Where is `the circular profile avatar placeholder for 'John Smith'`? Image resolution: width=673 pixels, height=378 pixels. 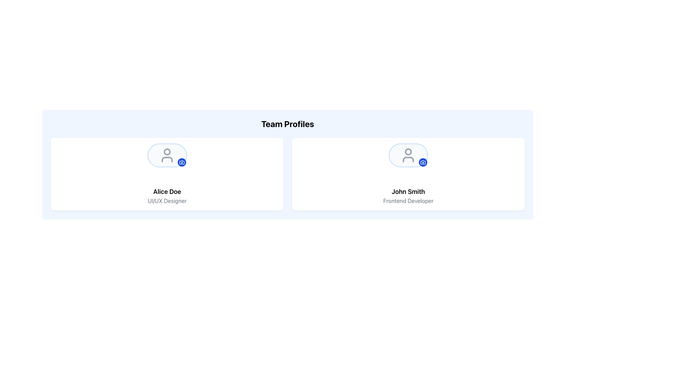 the circular profile avatar placeholder for 'John Smith' is located at coordinates (408, 163).